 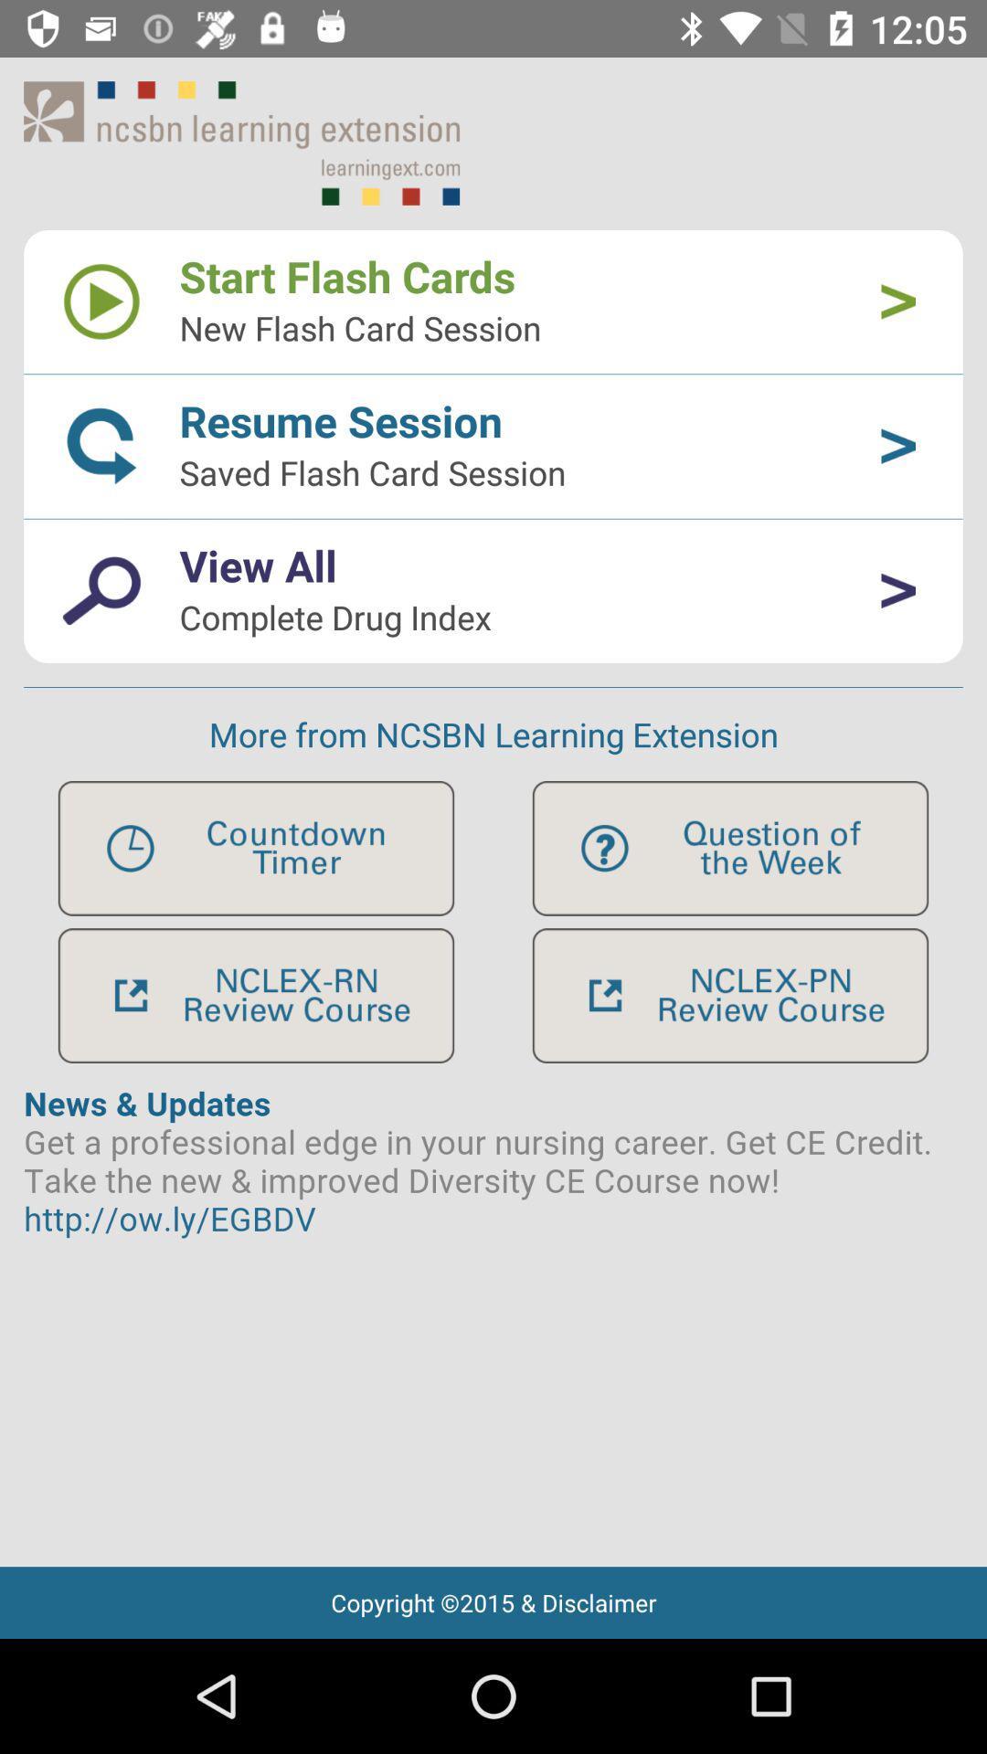 What do you see at coordinates (729, 995) in the screenshot?
I see `review option` at bounding box center [729, 995].